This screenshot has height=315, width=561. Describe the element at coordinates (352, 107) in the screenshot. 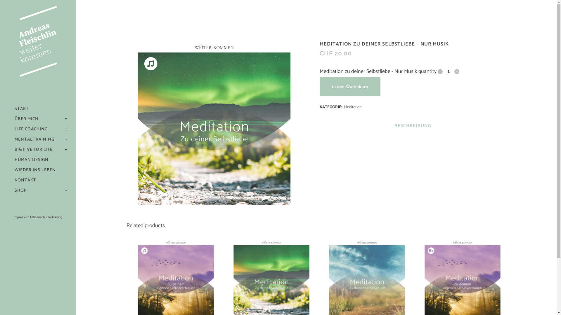

I see `'Meditation'` at that location.